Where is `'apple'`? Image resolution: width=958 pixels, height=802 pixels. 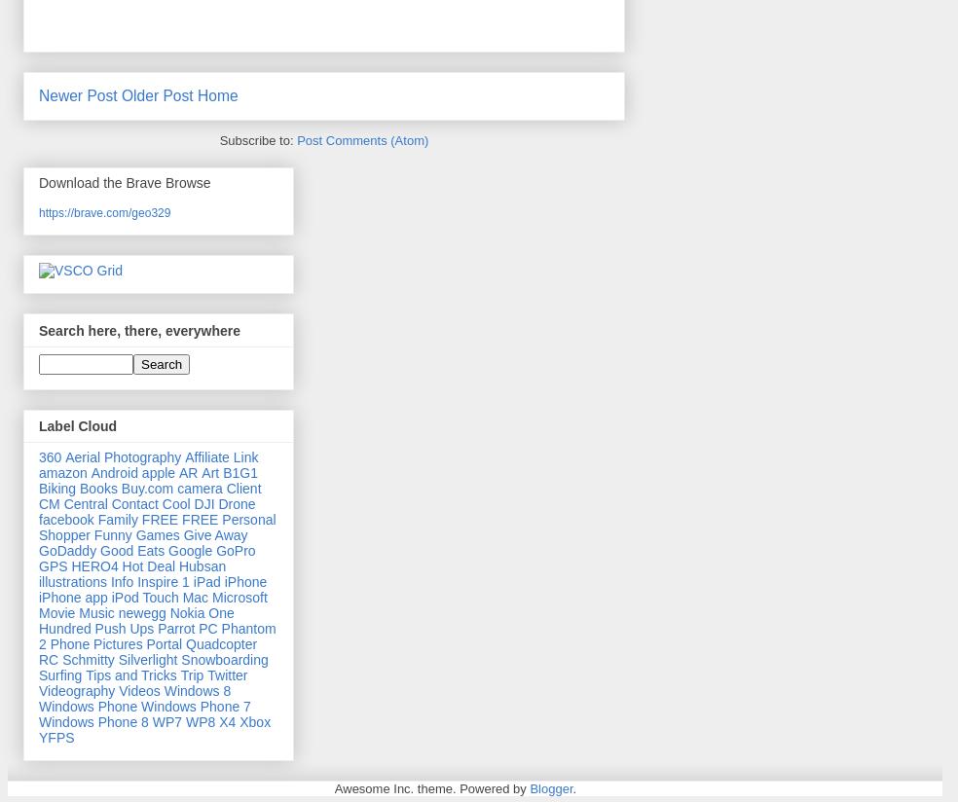
'apple' is located at coordinates (158, 471).